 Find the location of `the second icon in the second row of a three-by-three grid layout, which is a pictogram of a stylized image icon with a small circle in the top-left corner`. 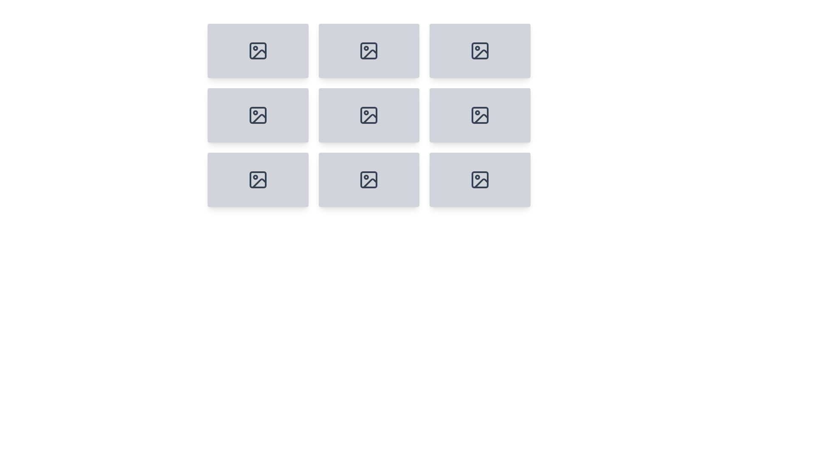

the second icon in the second row of a three-by-three grid layout, which is a pictogram of a stylized image icon with a small circle in the top-left corner is located at coordinates (257, 115).